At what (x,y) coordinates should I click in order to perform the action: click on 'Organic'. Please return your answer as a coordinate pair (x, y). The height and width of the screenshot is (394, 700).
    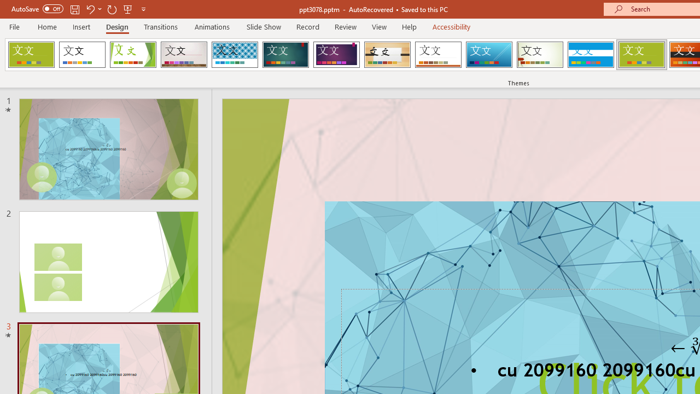
    Looking at the image, I should click on (387, 55).